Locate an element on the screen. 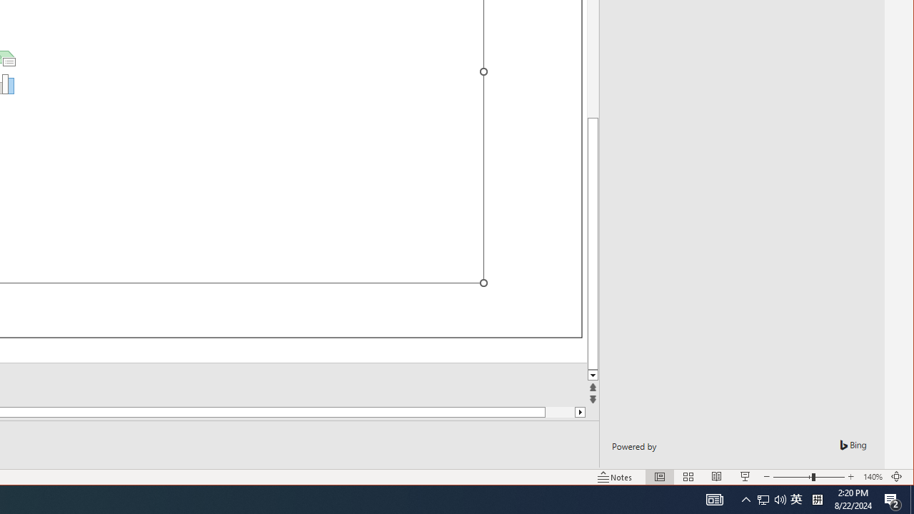 Image resolution: width=914 pixels, height=514 pixels. 'Line down' is located at coordinates (593, 375).